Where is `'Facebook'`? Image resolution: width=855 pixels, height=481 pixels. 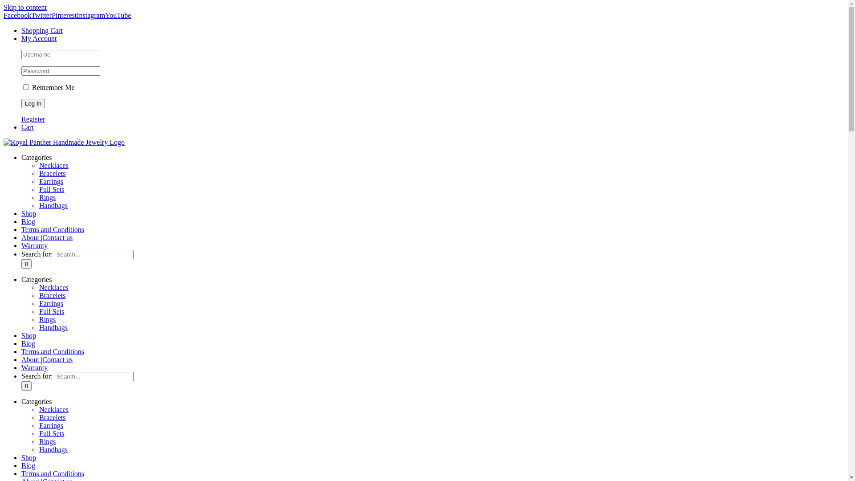 'Facebook' is located at coordinates (17, 15).